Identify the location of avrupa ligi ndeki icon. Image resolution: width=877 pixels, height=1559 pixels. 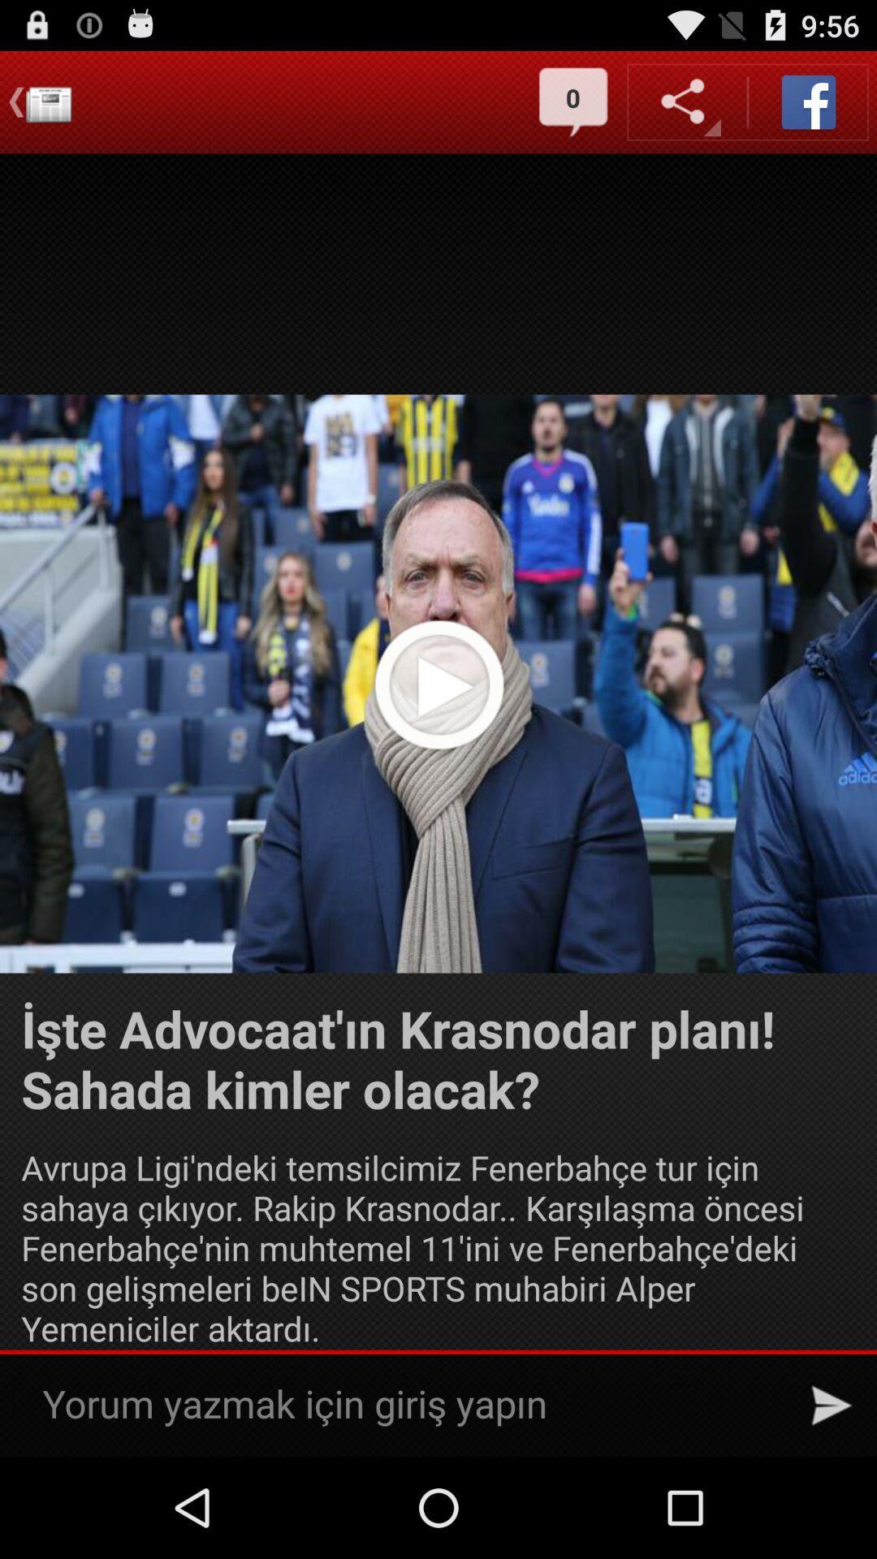
(438, 1246).